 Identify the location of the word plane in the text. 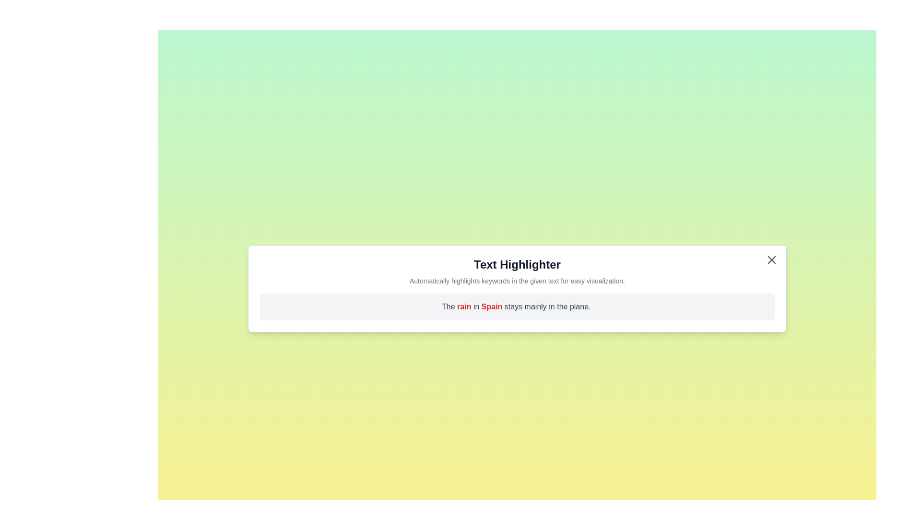
(580, 306).